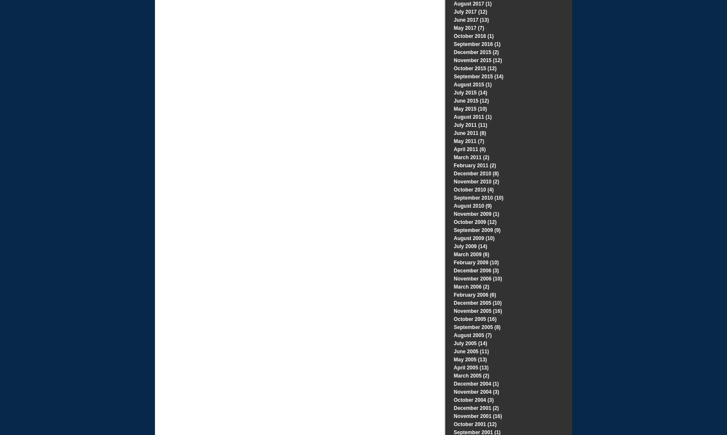 This screenshot has height=435, width=727. I want to click on 'April 2011 (6)', so click(469, 149).